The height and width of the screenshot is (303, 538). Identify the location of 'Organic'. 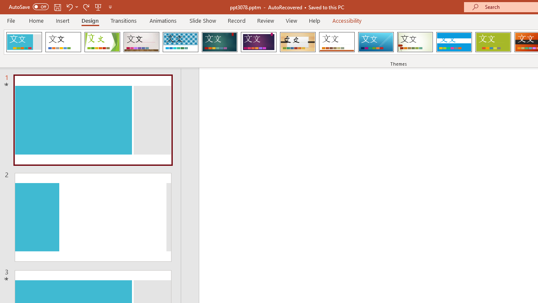
(298, 42).